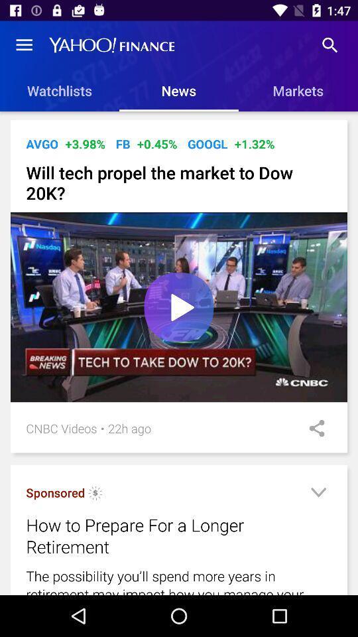 This screenshot has width=358, height=637. Describe the element at coordinates (95, 494) in the screenshot. I see `icon below the cnbc videos icon` at that location.